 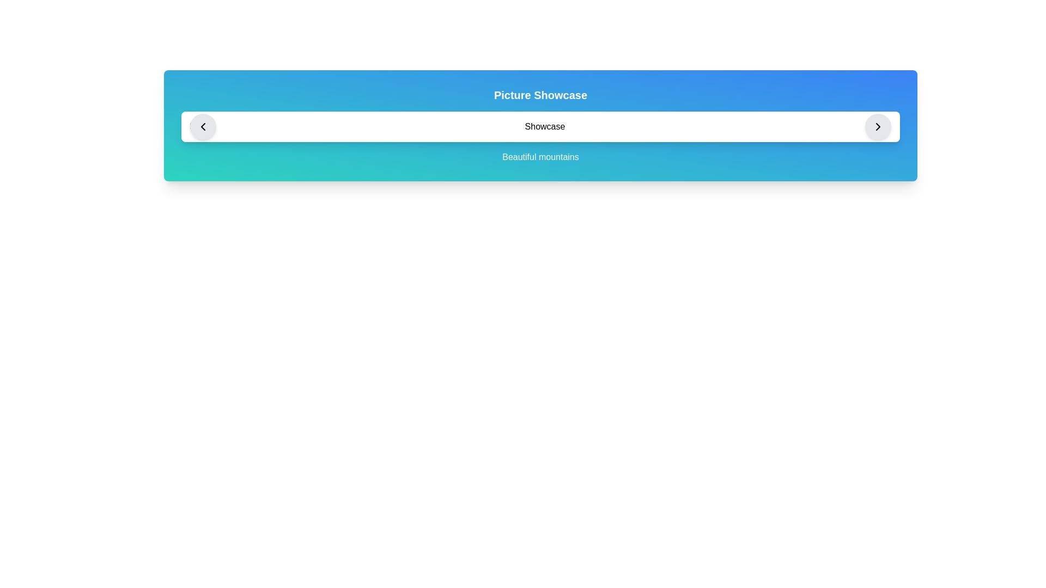 I want to click on text displayed in the text label showing 'Beautiful mountains', which is styled with a white font color against a blue-to-teal gradient background, so click(x=540, y=157).